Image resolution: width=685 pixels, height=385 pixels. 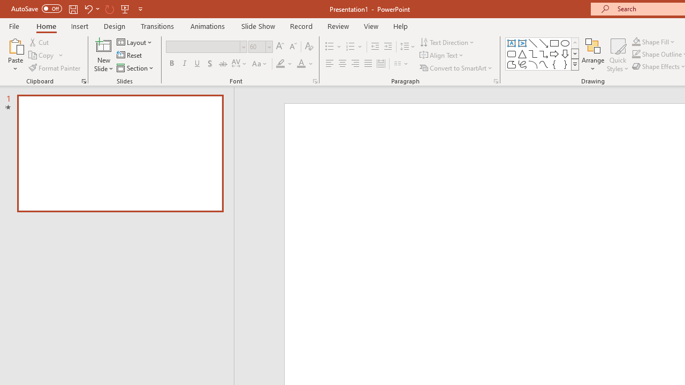 What do you see at coordinates (522, 64) in the screenshot?
I see `'Freeform: Scribble'` at bounding box center [522, 64].